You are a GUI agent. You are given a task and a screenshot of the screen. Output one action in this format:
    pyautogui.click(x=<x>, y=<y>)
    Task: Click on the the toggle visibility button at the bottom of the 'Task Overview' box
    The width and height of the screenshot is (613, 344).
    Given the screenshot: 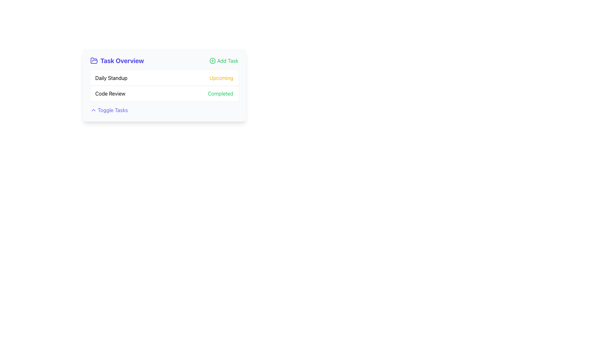 What is the action you would take?
    pyautogui.click(x=109, y=110)
    